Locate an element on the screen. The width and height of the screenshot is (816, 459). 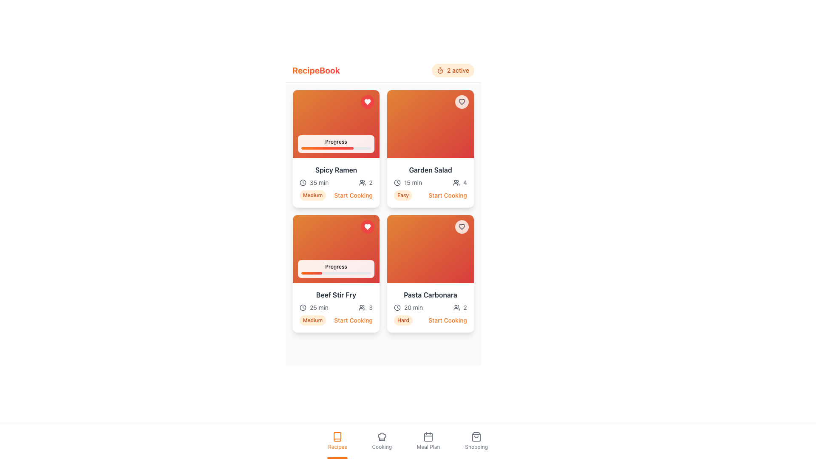
the time icon located at the bottom left of the 'Beef Stir Fry' card, next to the '25 min' text indicating the recipe duration is located at coordinates (303, 308).